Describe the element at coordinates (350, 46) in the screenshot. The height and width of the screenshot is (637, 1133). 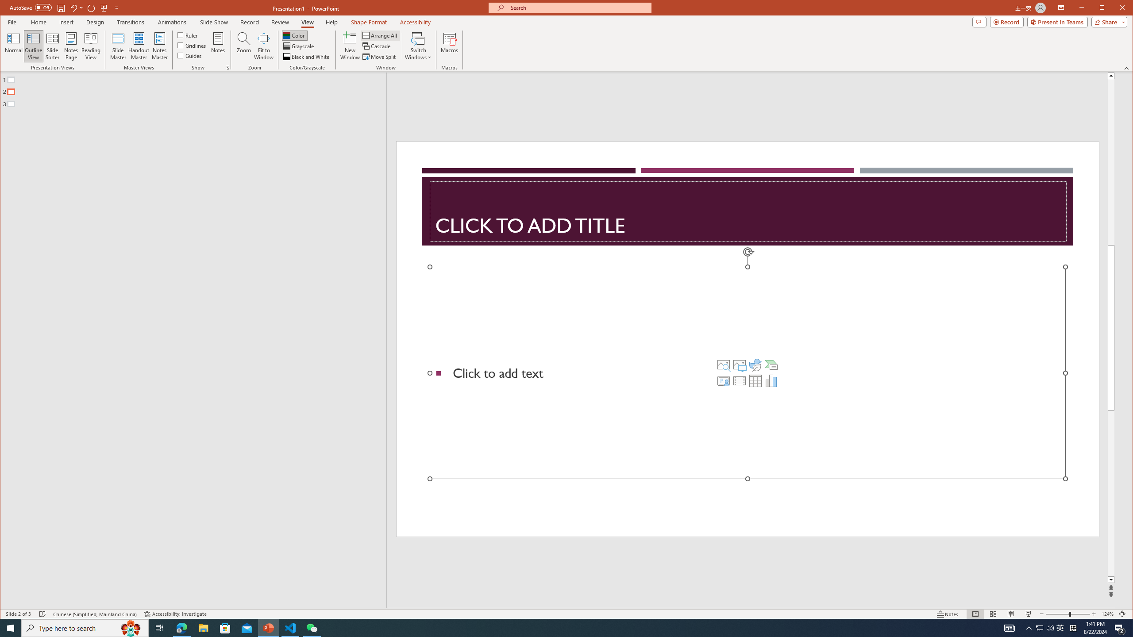
I see `'New Window'` at that location.